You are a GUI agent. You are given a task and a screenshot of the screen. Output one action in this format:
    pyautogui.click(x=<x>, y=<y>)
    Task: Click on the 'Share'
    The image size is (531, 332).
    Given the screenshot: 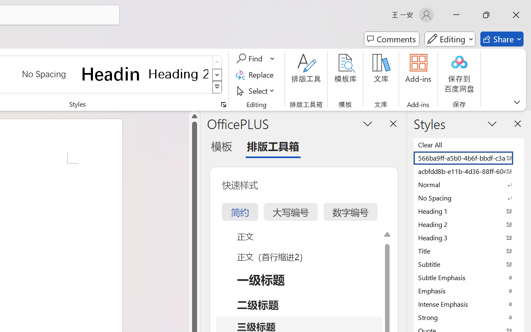 What is the action you would take?
    pyautogui.click(x=502, y=39)
    